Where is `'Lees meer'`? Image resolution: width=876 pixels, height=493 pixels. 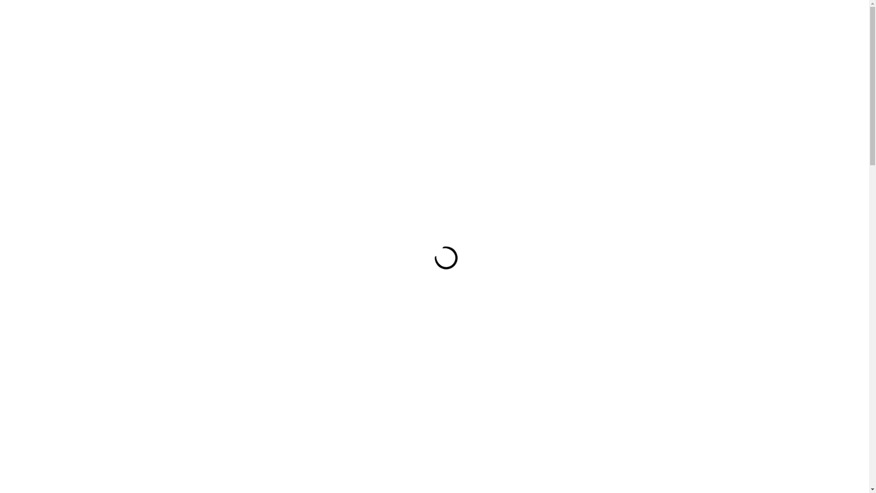 'Lees meer' is located at coordinates (776, 423).